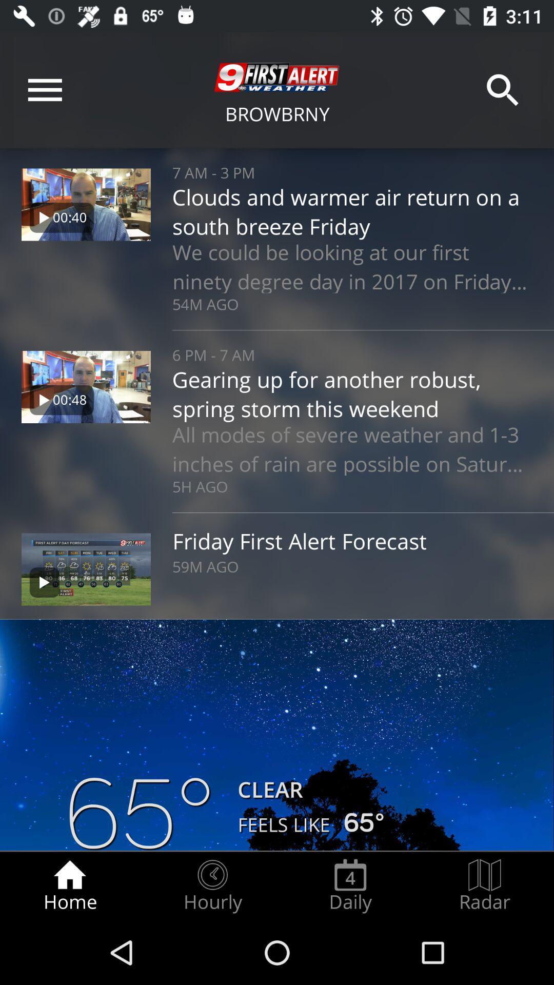 The width and height of the screenshot is (554, 985). Describe the element at coordinates (350, 885) in the screenshot. I see `item next to hourly icon` at that location.